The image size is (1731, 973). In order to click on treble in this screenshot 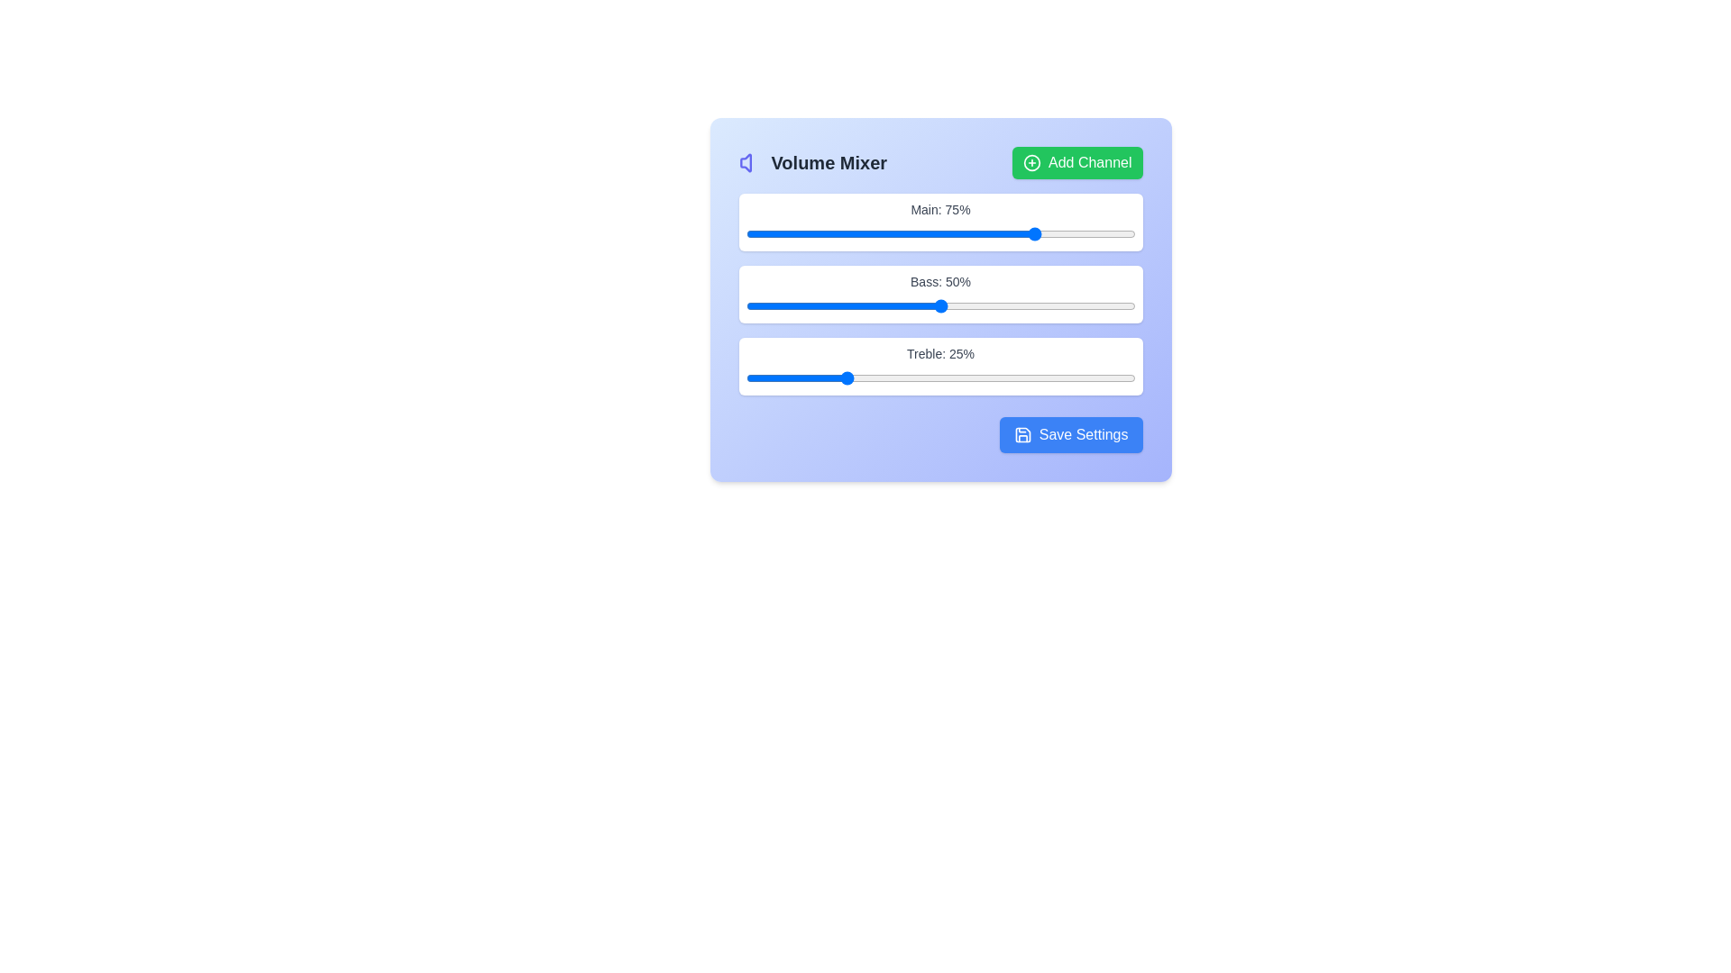, I will do `click(948, 377)`.